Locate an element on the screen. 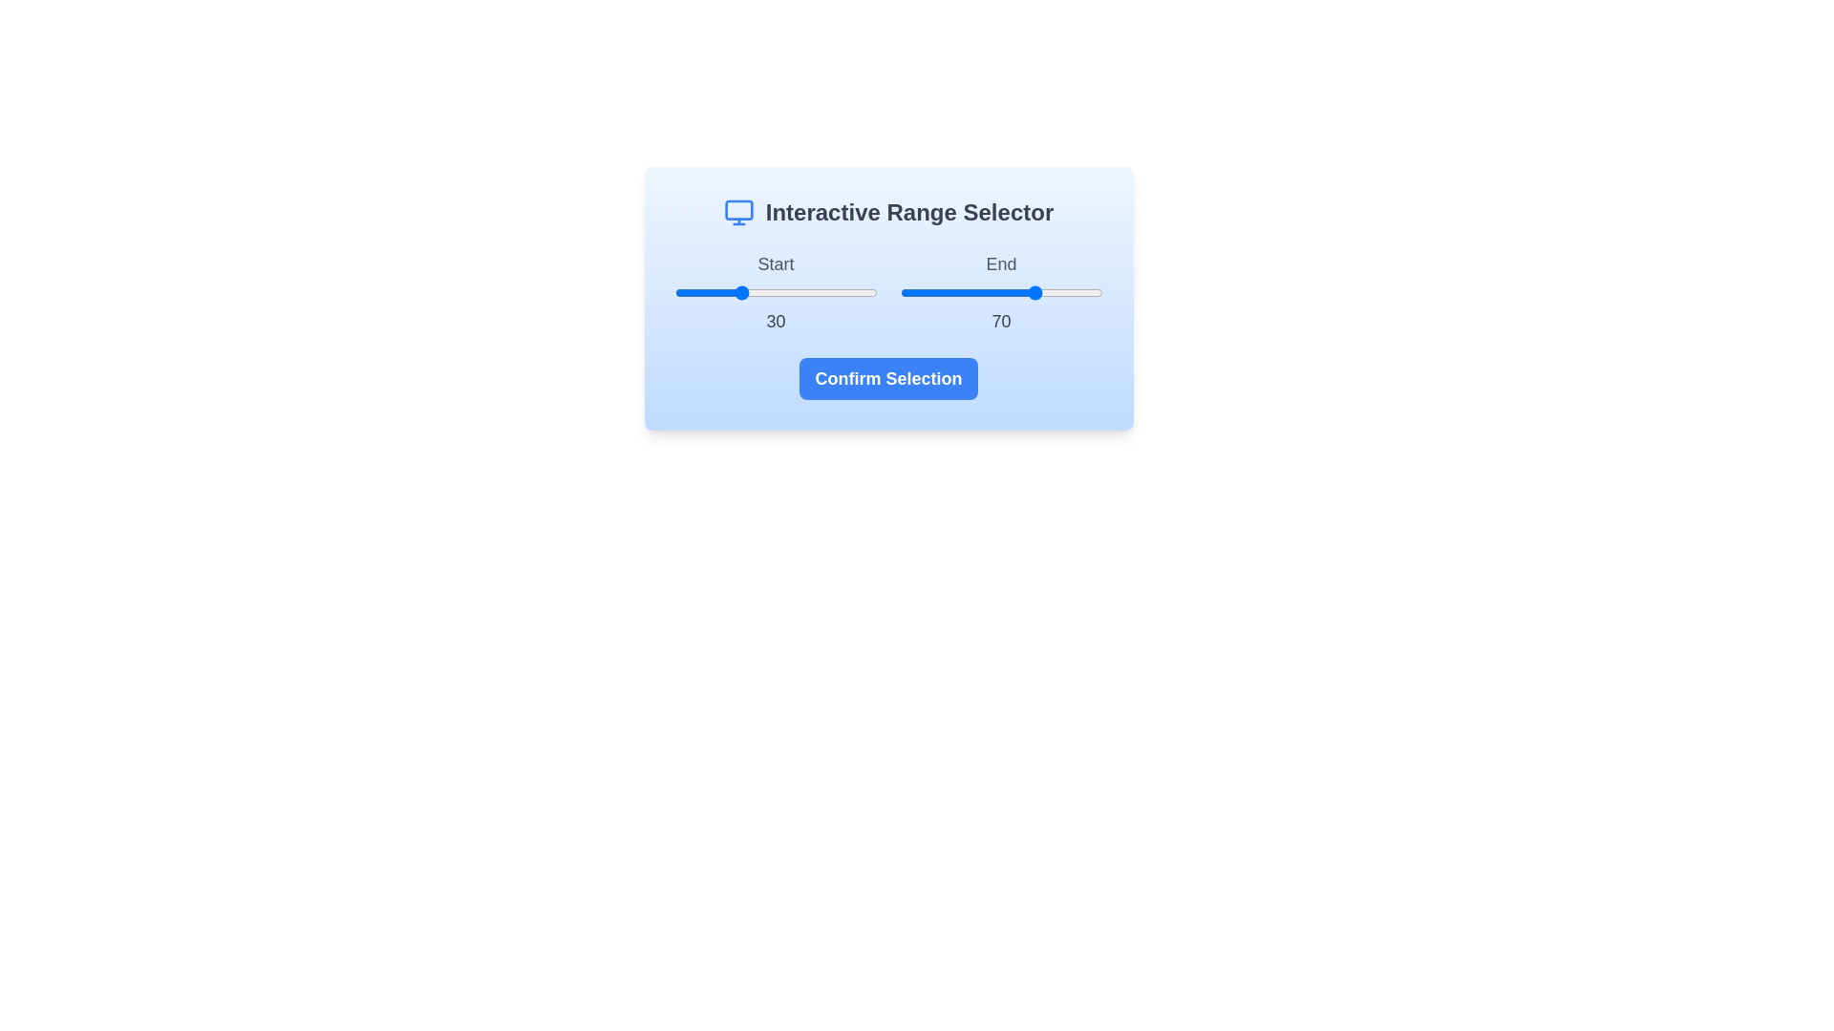 This screenshot has width=1834, height=1031. the end range value to 13 by interacting with the slider is located at coordinates (926, 293).